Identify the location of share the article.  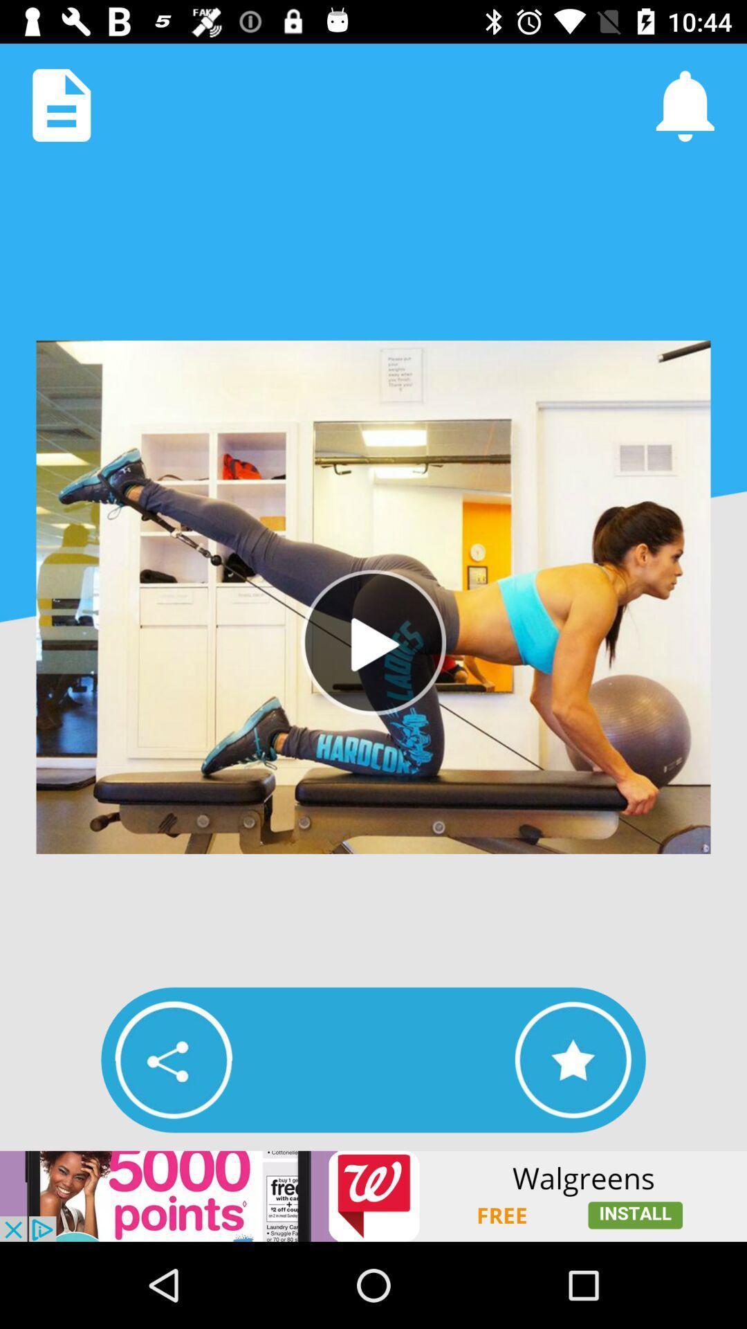
(173, 1059).